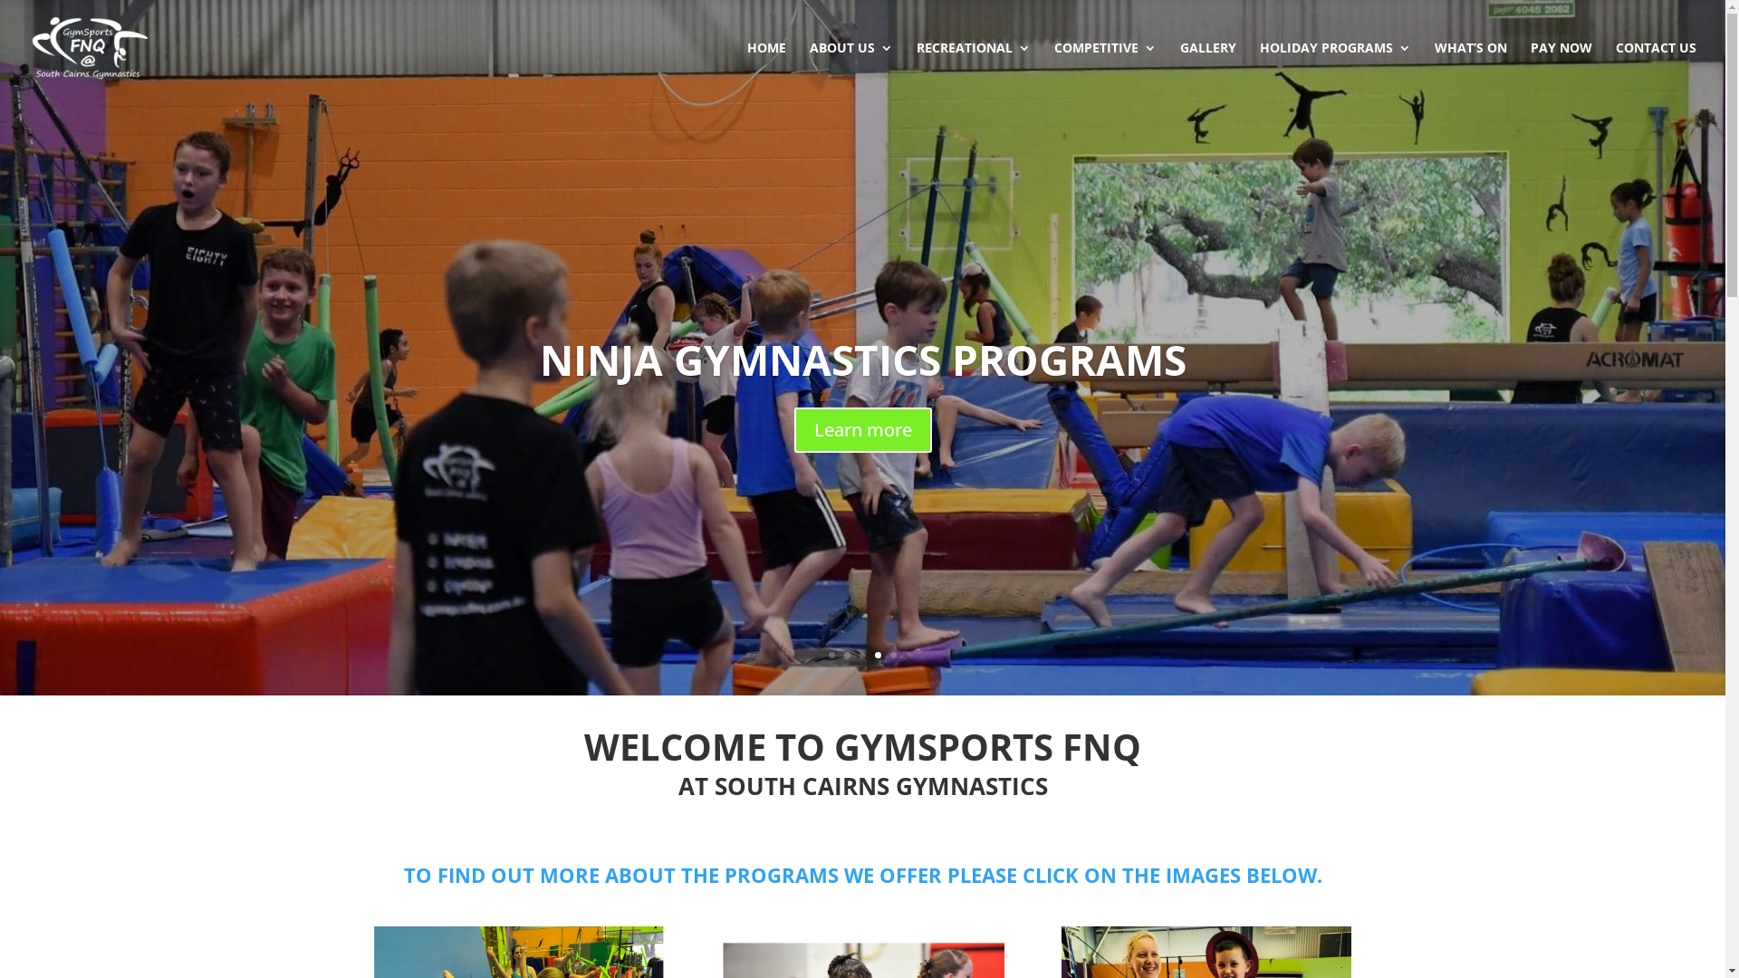  Describe the element at coordinates (893, 655) in the screenshot. I see `'5'` at that location.